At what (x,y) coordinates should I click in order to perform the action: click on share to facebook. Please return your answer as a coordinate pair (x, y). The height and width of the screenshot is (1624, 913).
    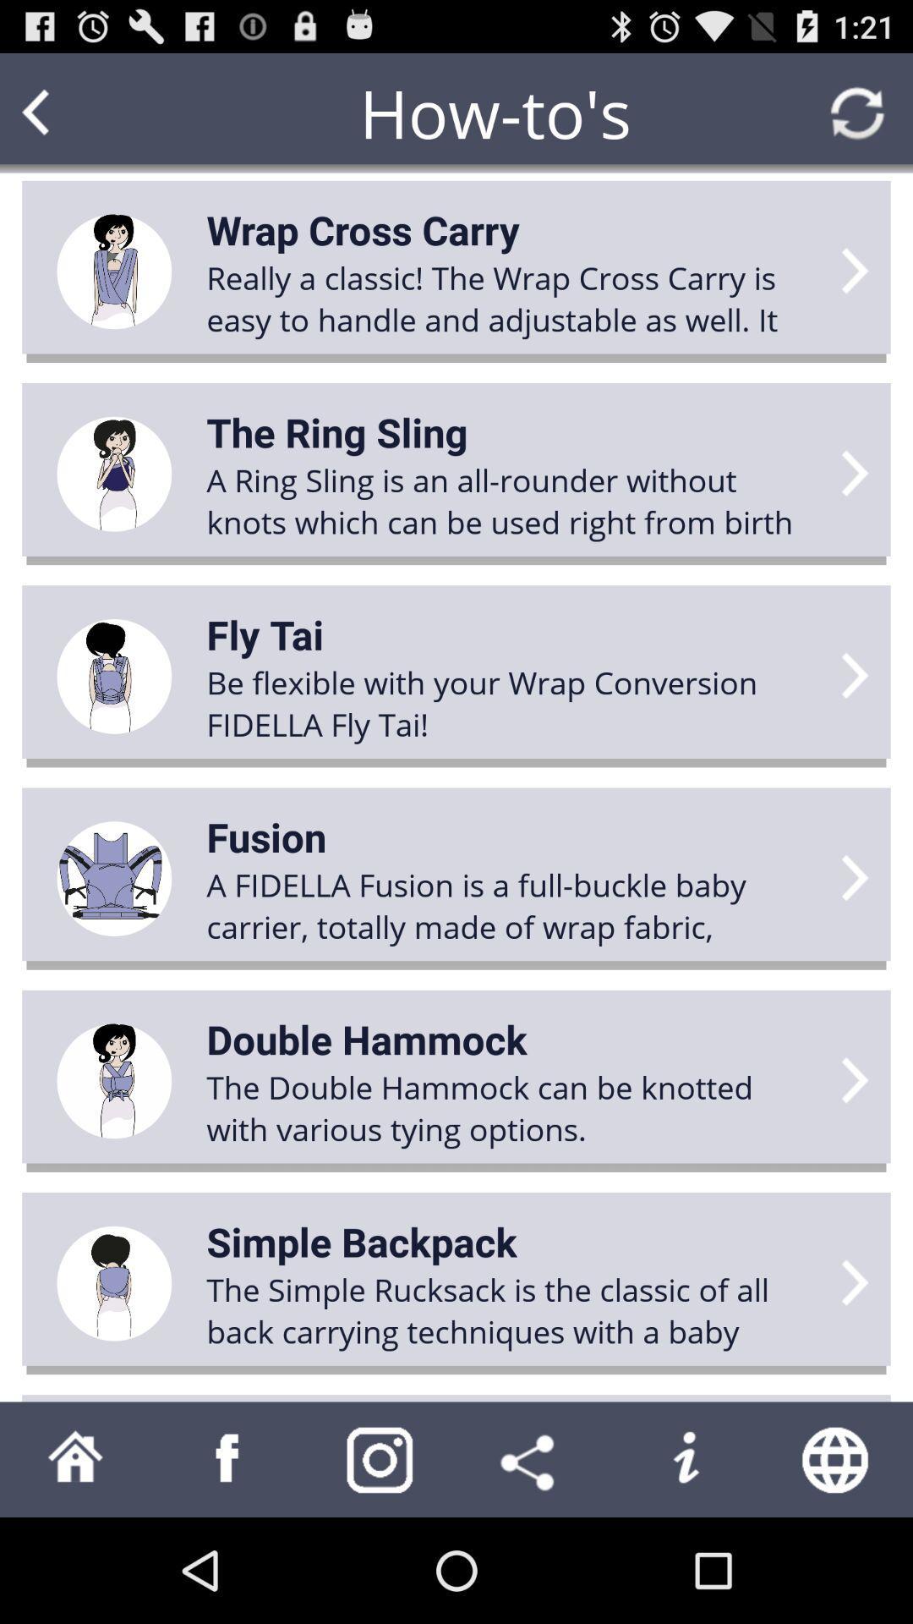
    Looking at the image, I should click on (228, 1458).